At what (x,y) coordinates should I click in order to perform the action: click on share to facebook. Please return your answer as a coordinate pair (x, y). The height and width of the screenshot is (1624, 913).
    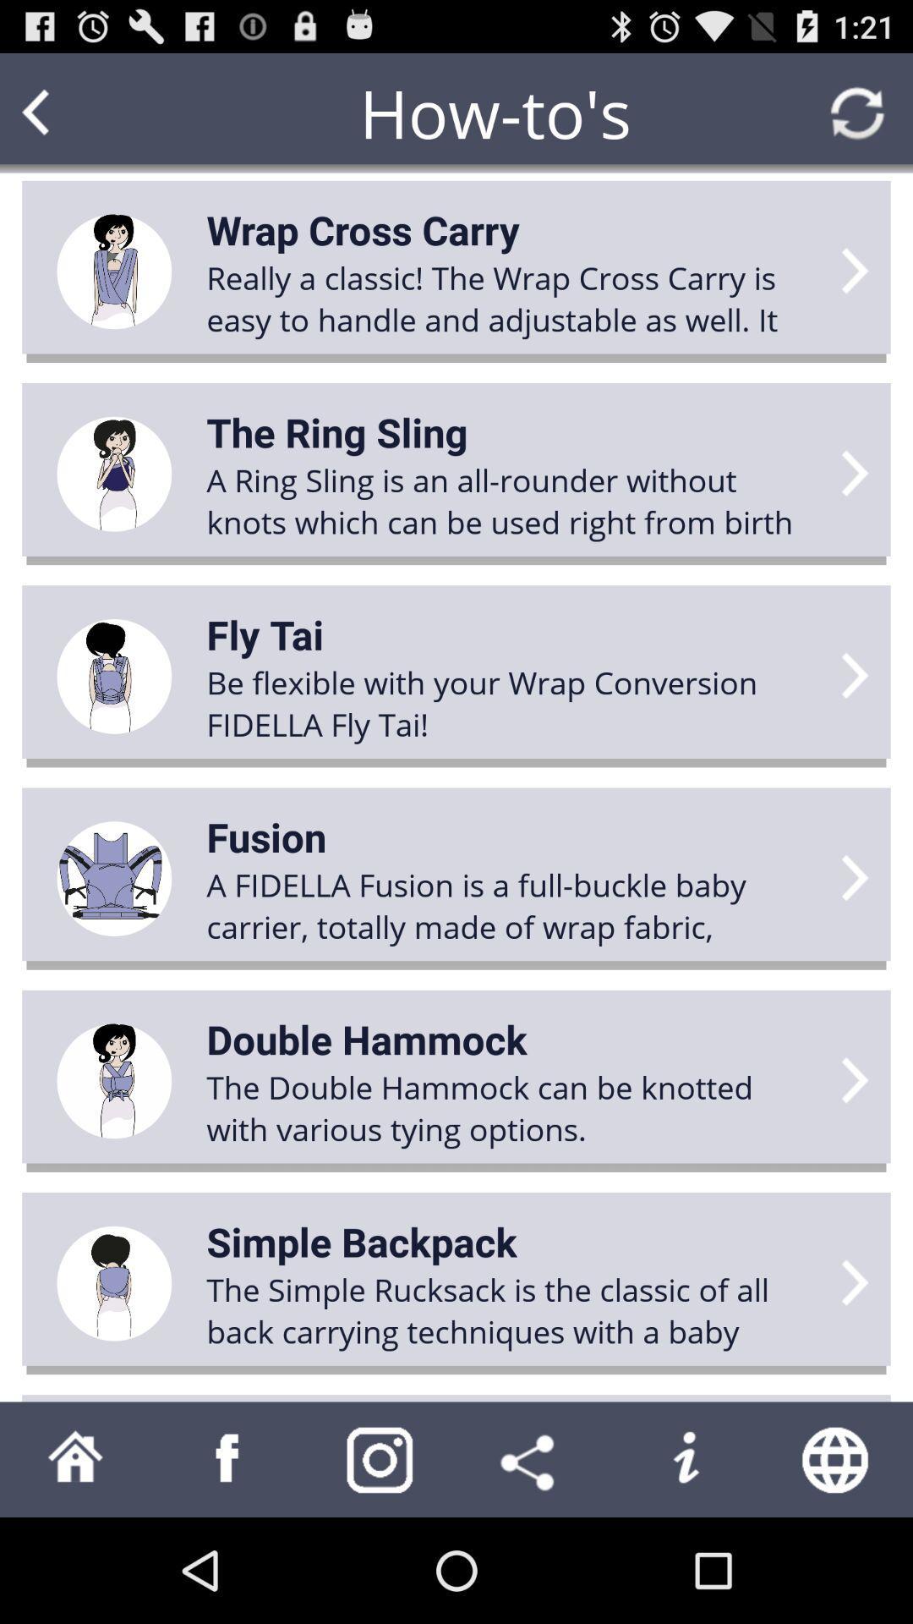
    Looking at the image, I should click on (228, 1458).